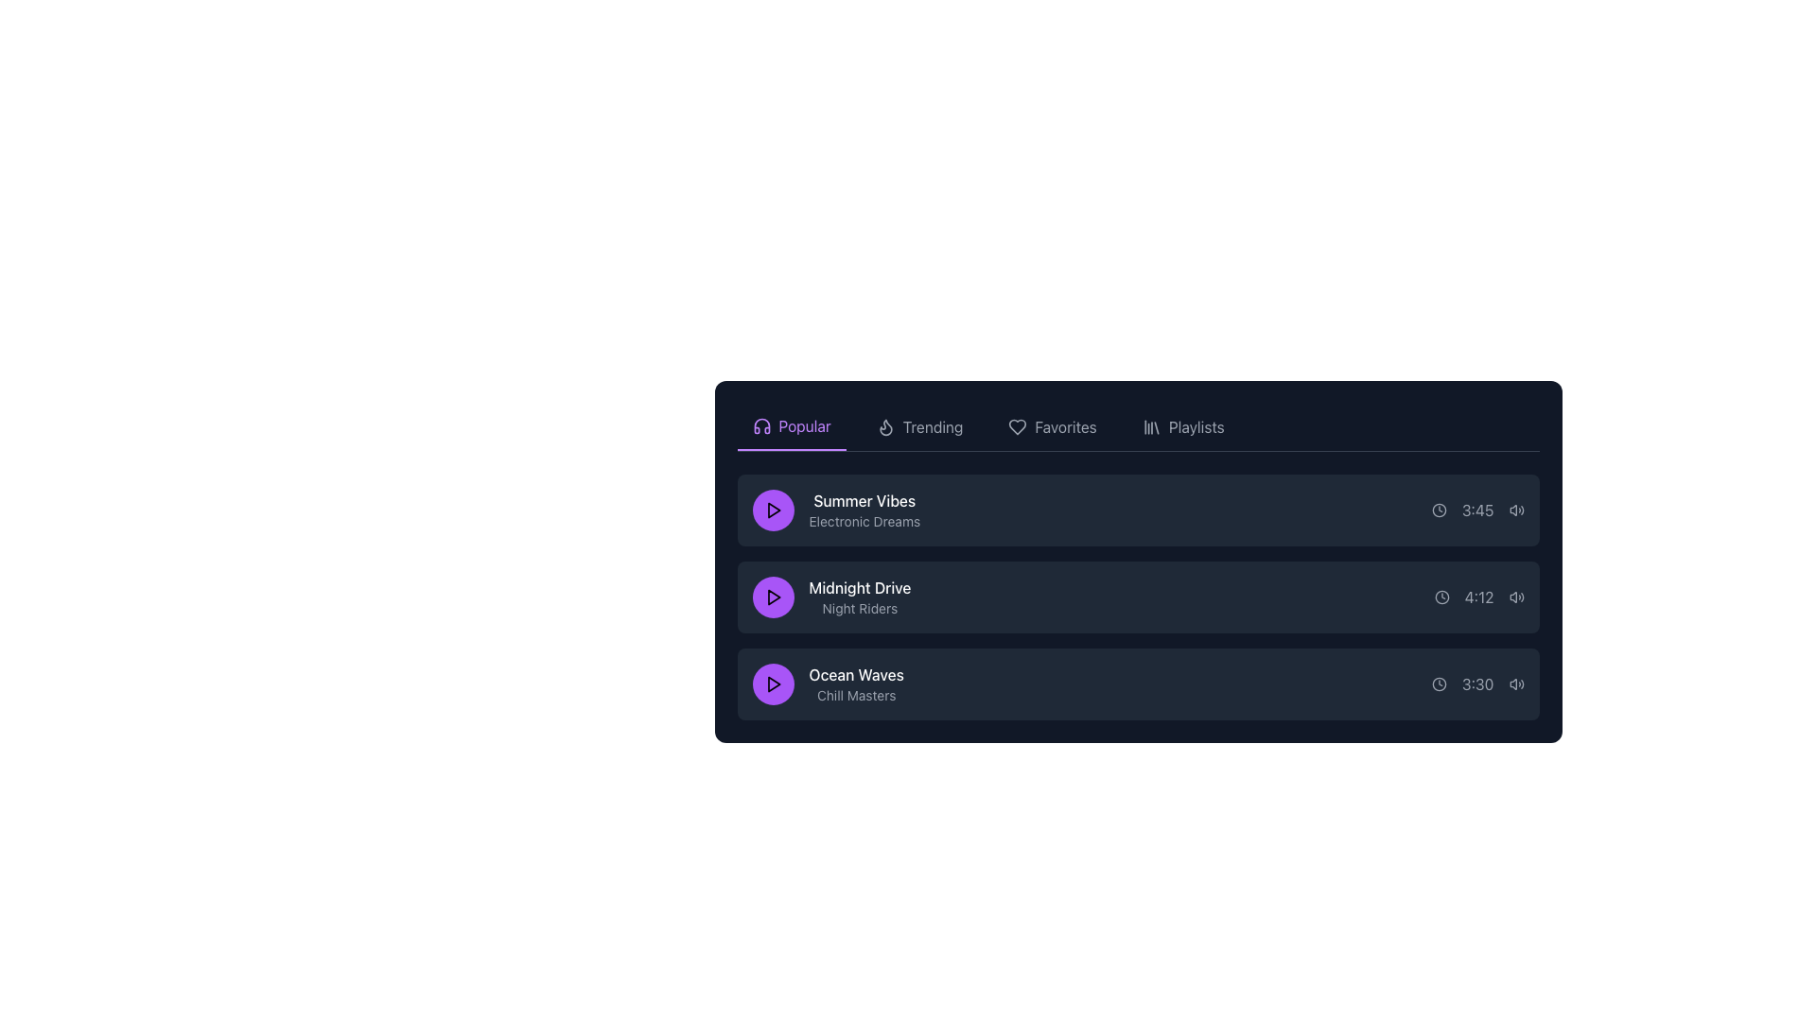 The height and width of the screenshot is (1021, 1816). What do you see at coordinates (1155, 427) in the screenshot?
I see `the decorative segment of the library icon located in the 'Playlists' tab header, which is the fourth segment from the left` at bounding box center [1155, 427].